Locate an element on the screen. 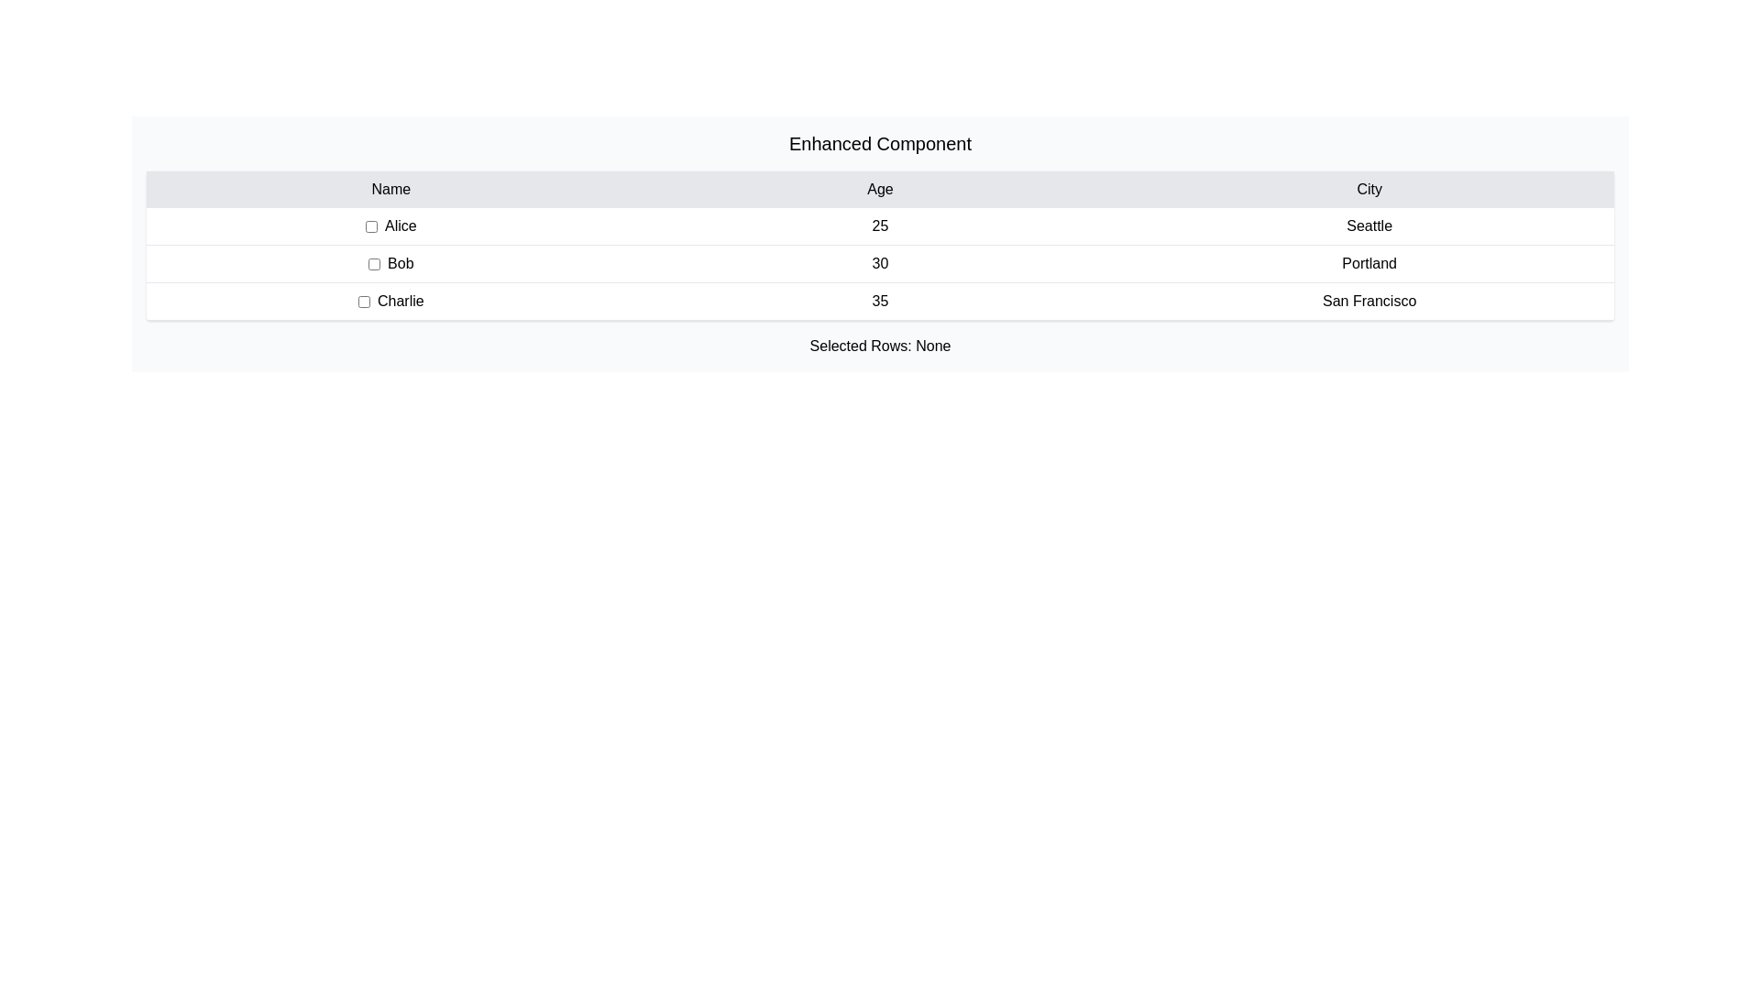 This screenshot has width=1760, height=990. text label displaying the name 'Charlie' which is centrally positioned in the first column of the third row of the grid layout under the header 'Name' is located at coordinates (390, 300).